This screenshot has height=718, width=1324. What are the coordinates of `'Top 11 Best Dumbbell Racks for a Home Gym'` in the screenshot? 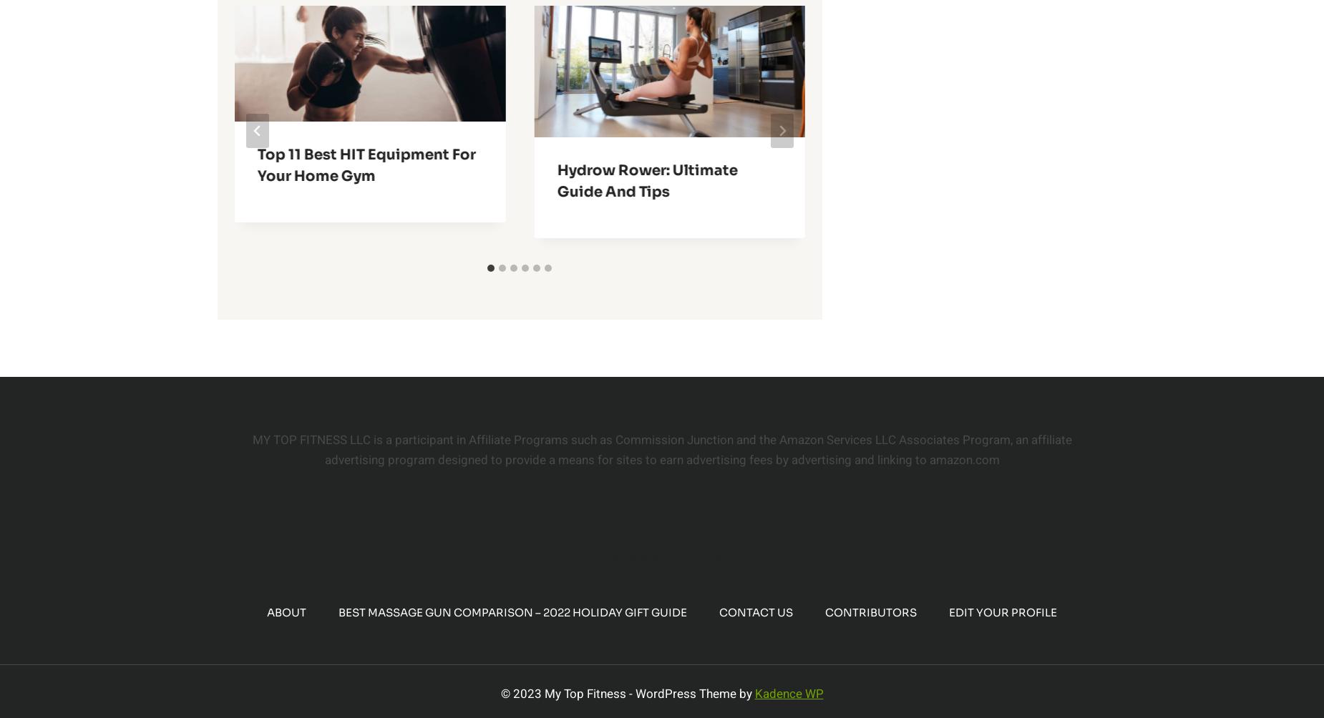 It's located at (956, 179).